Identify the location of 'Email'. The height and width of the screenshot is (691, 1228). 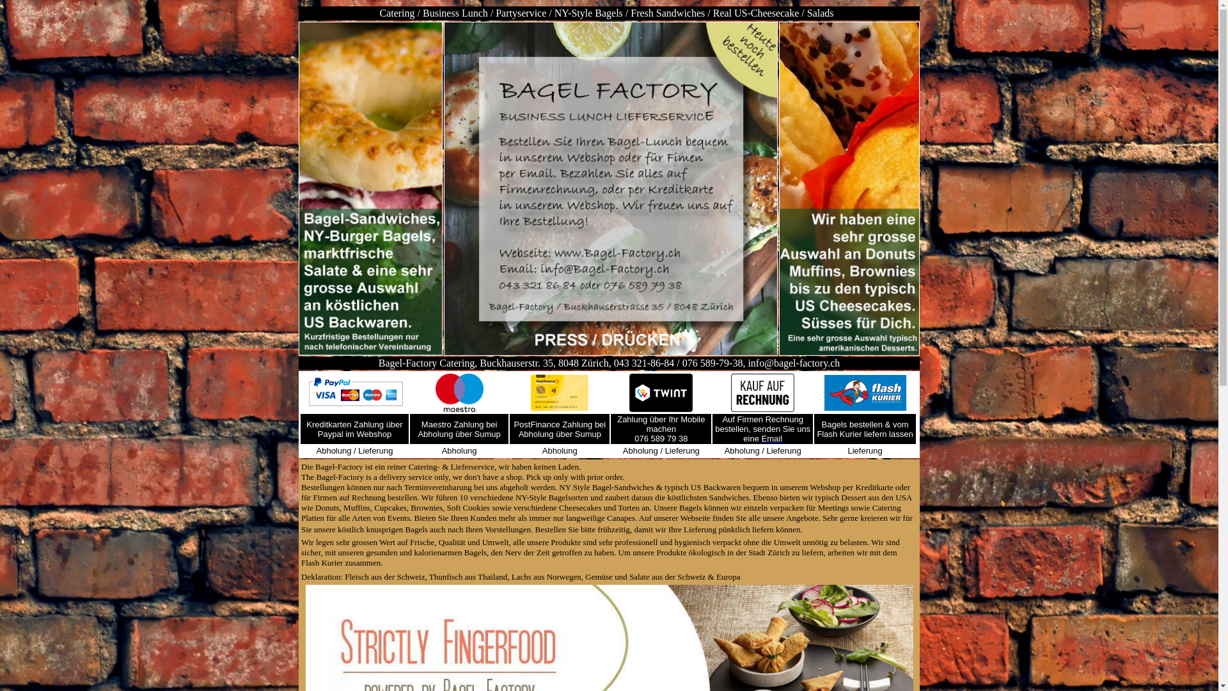
(771, 438).